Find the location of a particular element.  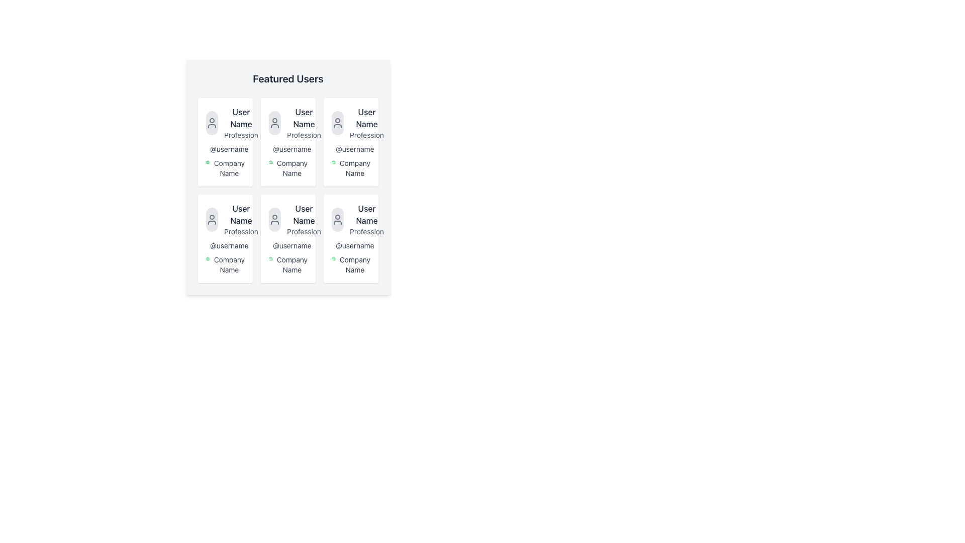

the static text label 'User Name' in the second row, second column card of the 'Featured Users' section is located at coordinates (303, 214).